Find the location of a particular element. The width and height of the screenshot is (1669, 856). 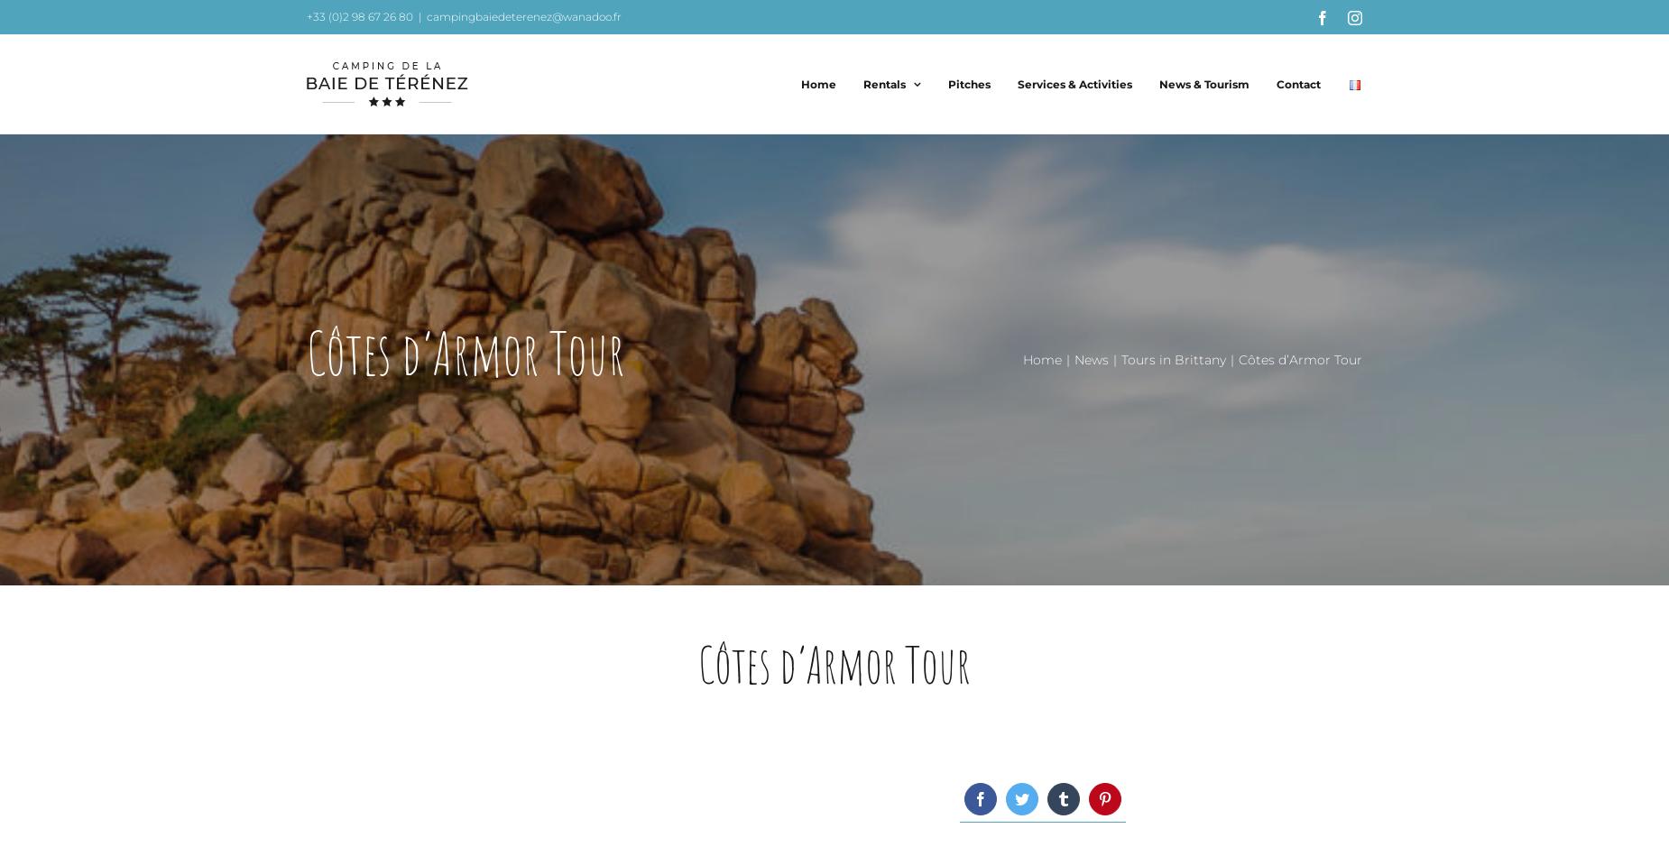

'Titania' is located at coordinates (903, 440).